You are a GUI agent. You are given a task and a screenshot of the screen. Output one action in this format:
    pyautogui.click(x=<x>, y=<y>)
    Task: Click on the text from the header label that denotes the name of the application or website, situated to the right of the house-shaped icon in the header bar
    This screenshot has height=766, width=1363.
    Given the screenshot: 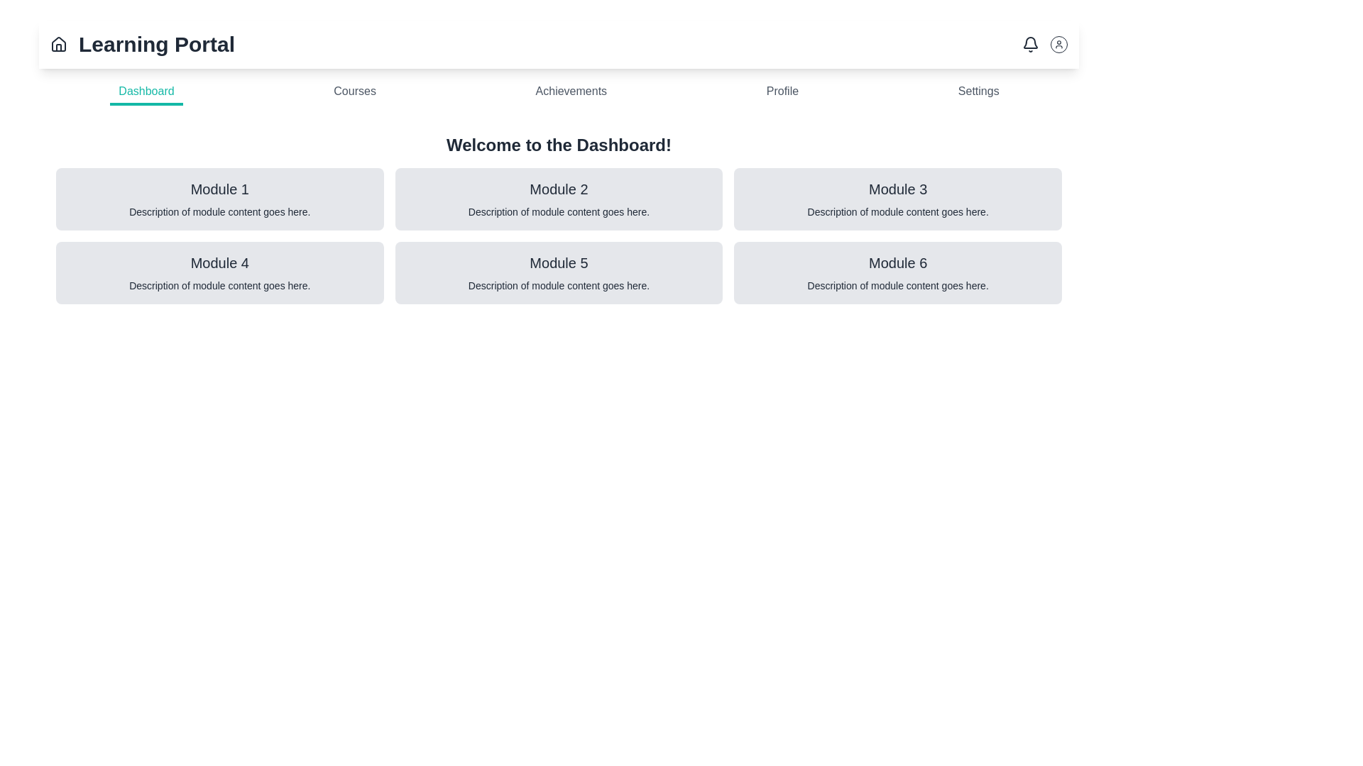 What is the action you would take?
    pyautogui.click(x=156, y=43)
    